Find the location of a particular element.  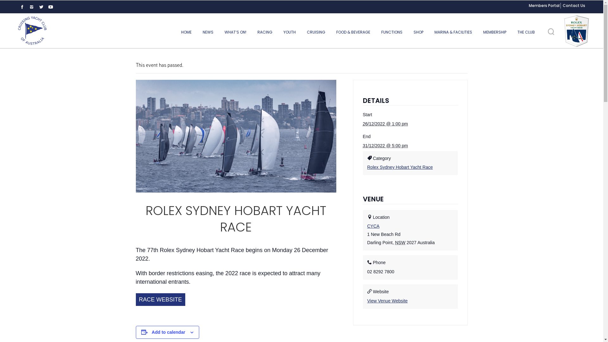

'View Venue Website' is located at coordinates (387, 300).